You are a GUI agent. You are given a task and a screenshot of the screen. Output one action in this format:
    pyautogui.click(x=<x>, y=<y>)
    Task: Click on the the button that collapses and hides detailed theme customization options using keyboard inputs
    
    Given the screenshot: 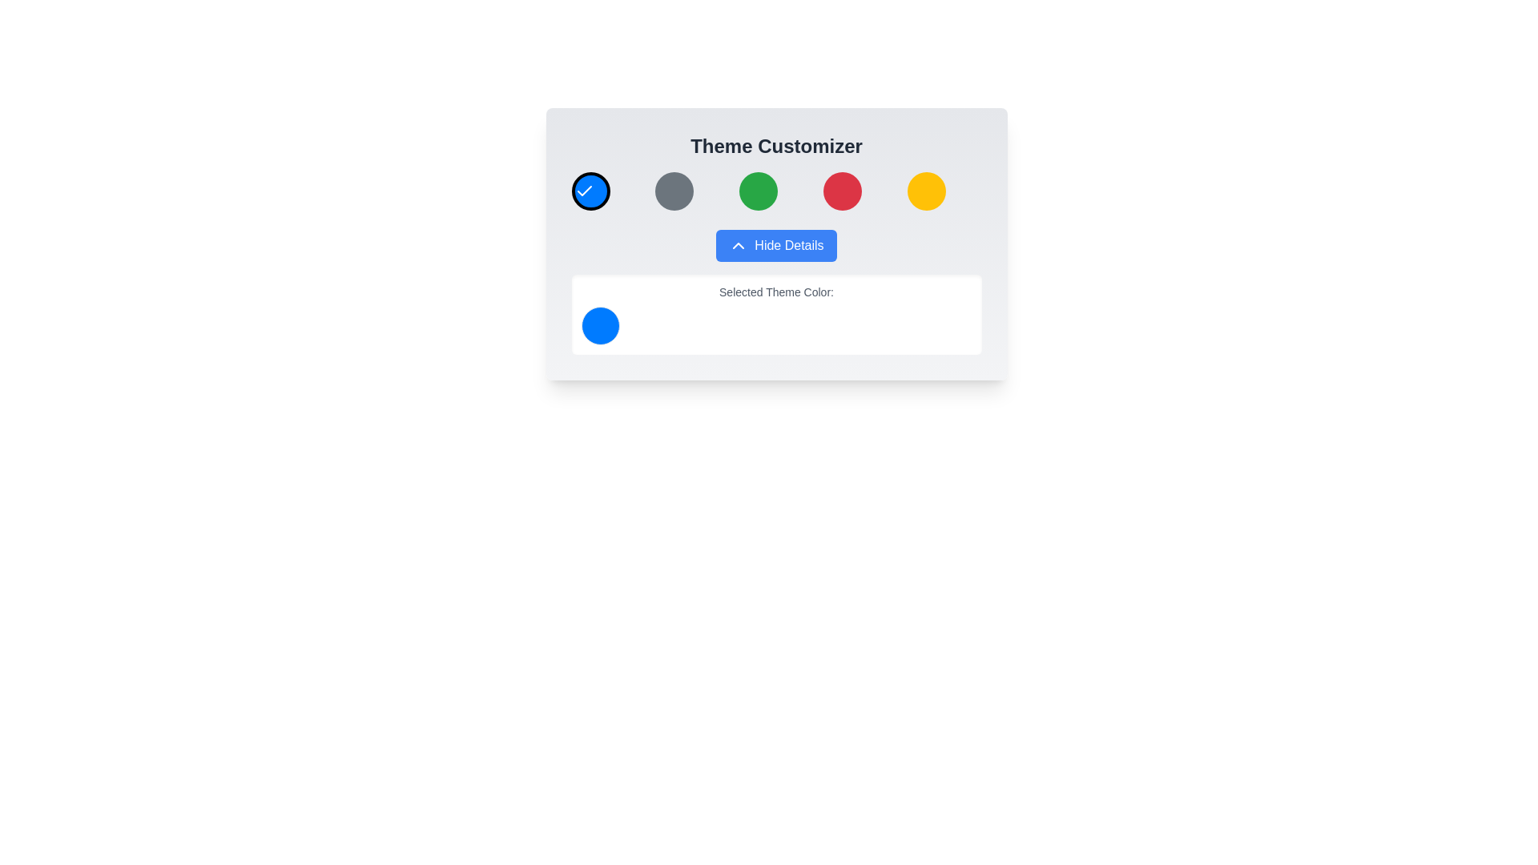 What is the action you would take?
    pyautogui.click(x=776, y=246)
    